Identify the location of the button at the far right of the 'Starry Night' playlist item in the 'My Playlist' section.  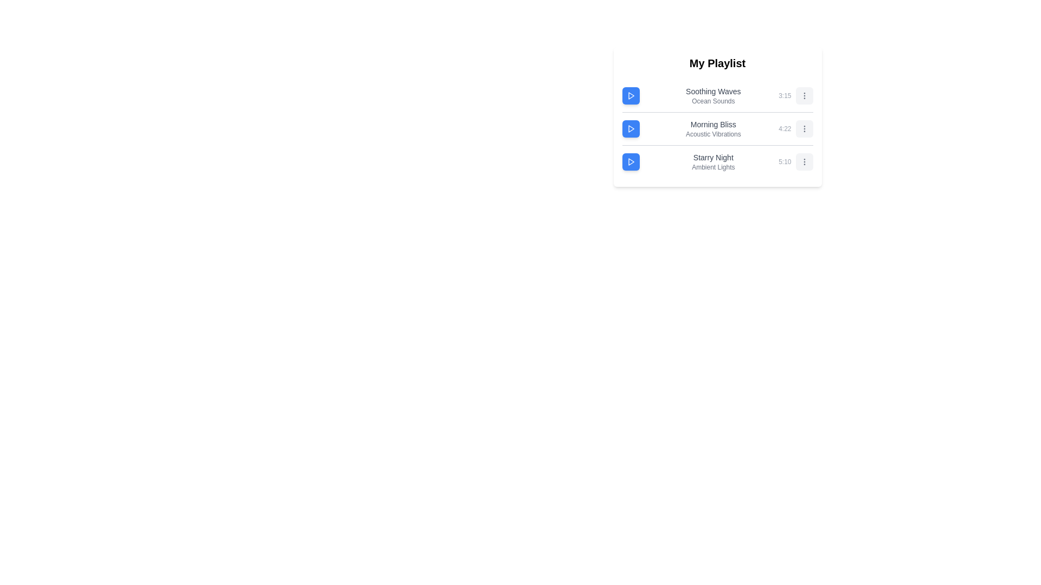
(804, 162).